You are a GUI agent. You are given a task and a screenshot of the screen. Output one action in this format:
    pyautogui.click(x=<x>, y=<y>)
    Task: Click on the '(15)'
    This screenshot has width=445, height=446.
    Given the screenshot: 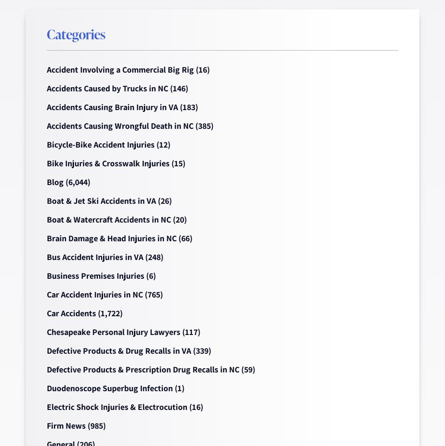 What is the action you would take?
    pyautogui.click(x=177, y=163)
    